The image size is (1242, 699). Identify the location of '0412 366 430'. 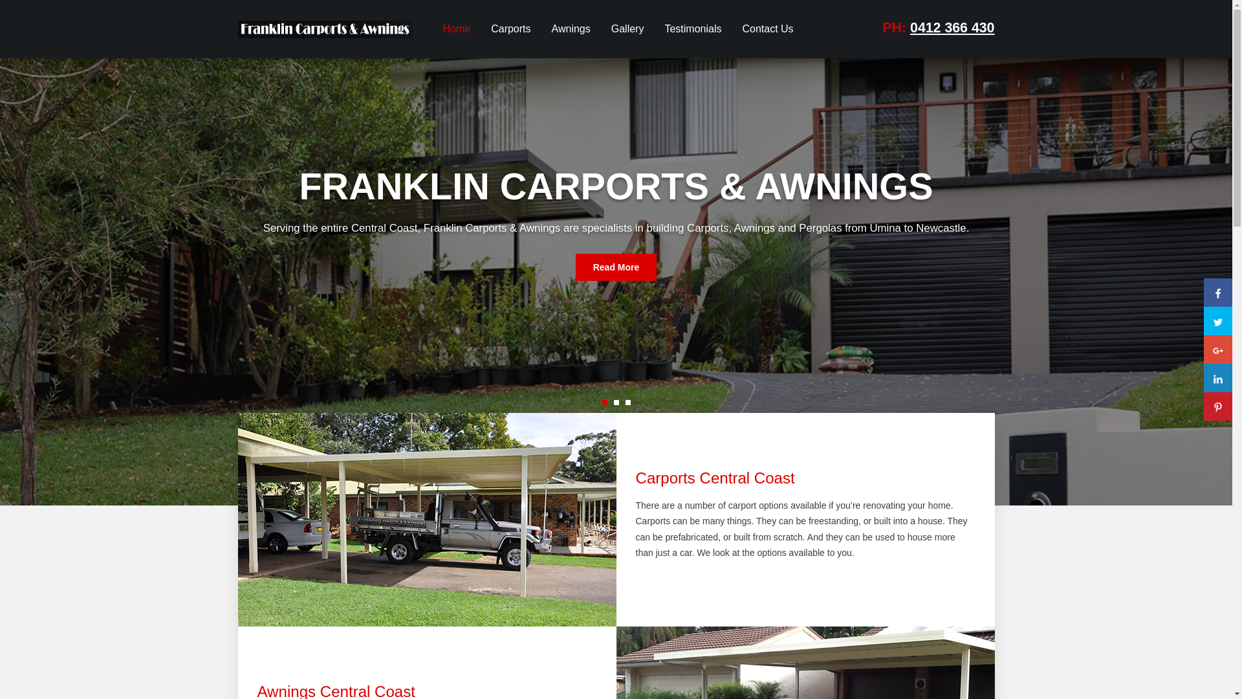
(952, 27).